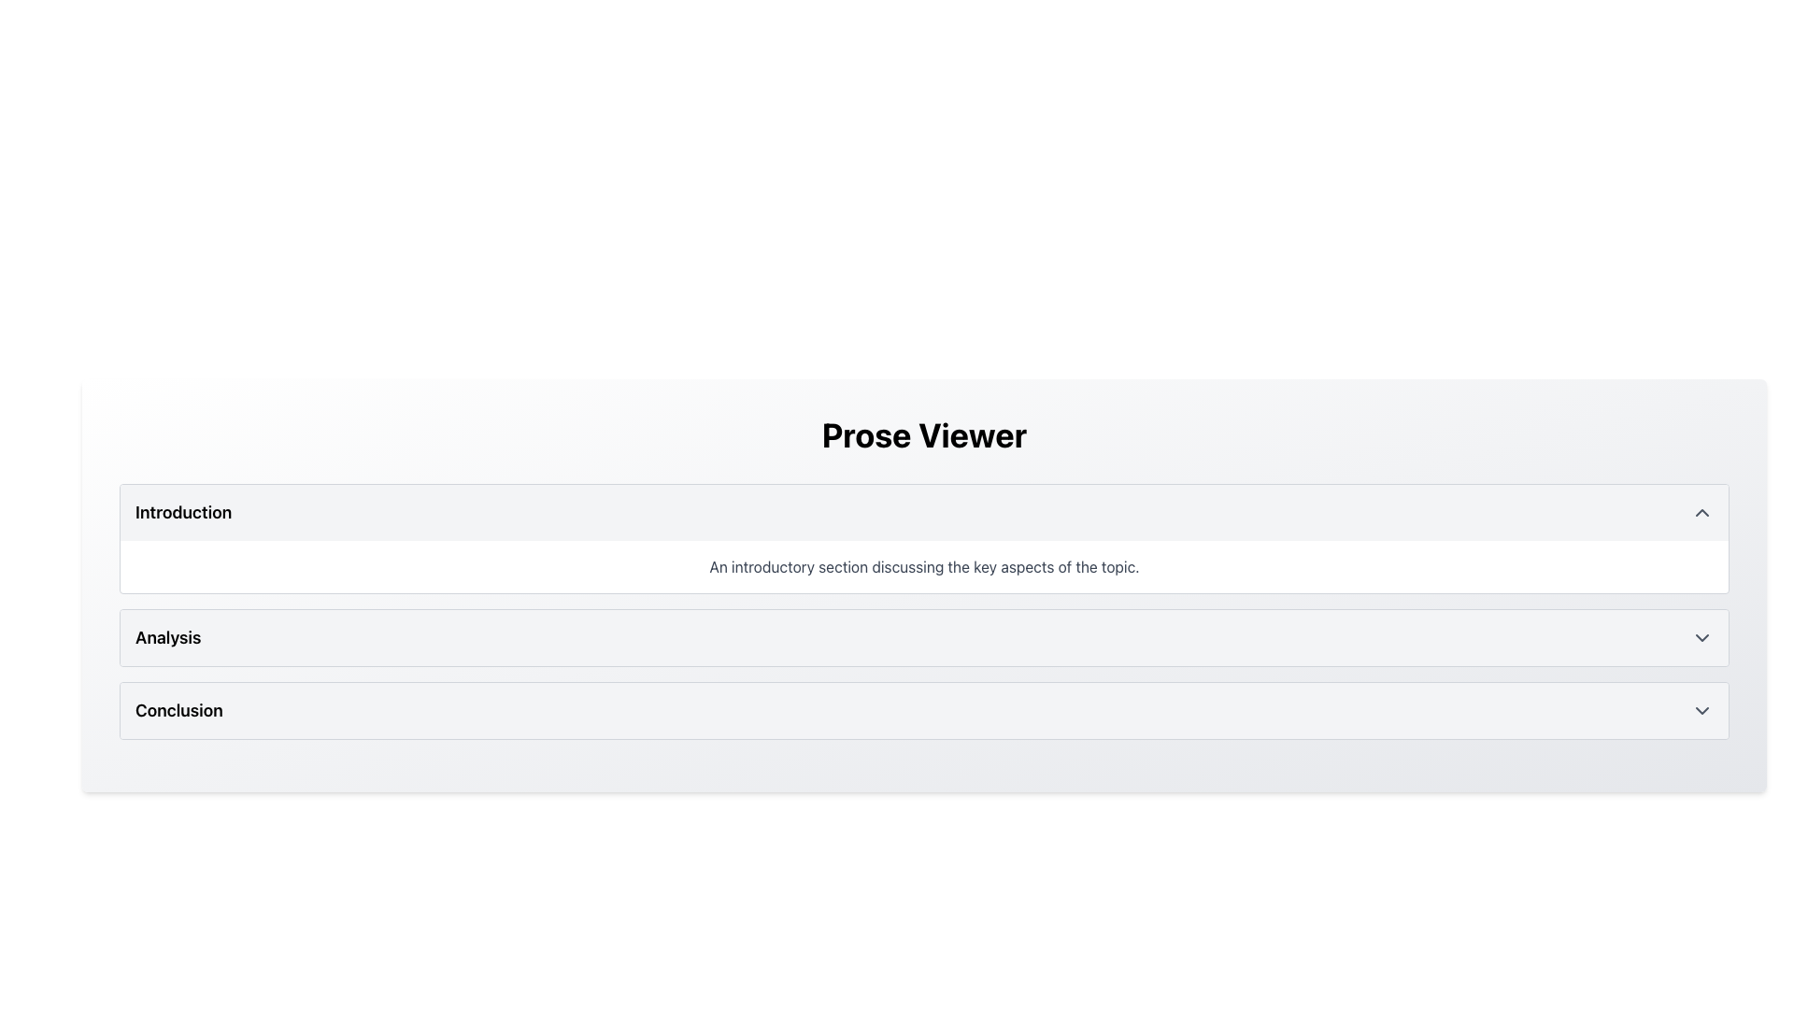  Describe the element at coordinates (168, 636) in the screenshot. I see `the bold 'Analysis' text label to focus on the corresponding section in the vertically stacked layout` at that location.